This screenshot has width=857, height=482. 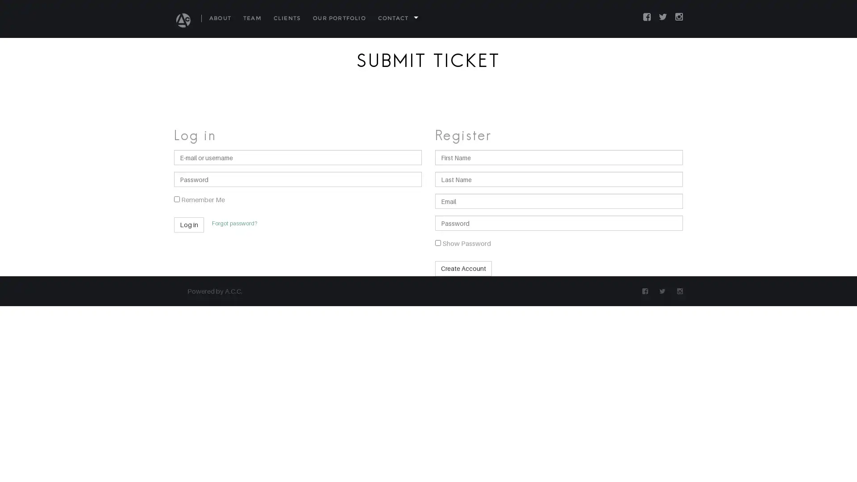 I want to click on Log in, so click(x=188, y=224).